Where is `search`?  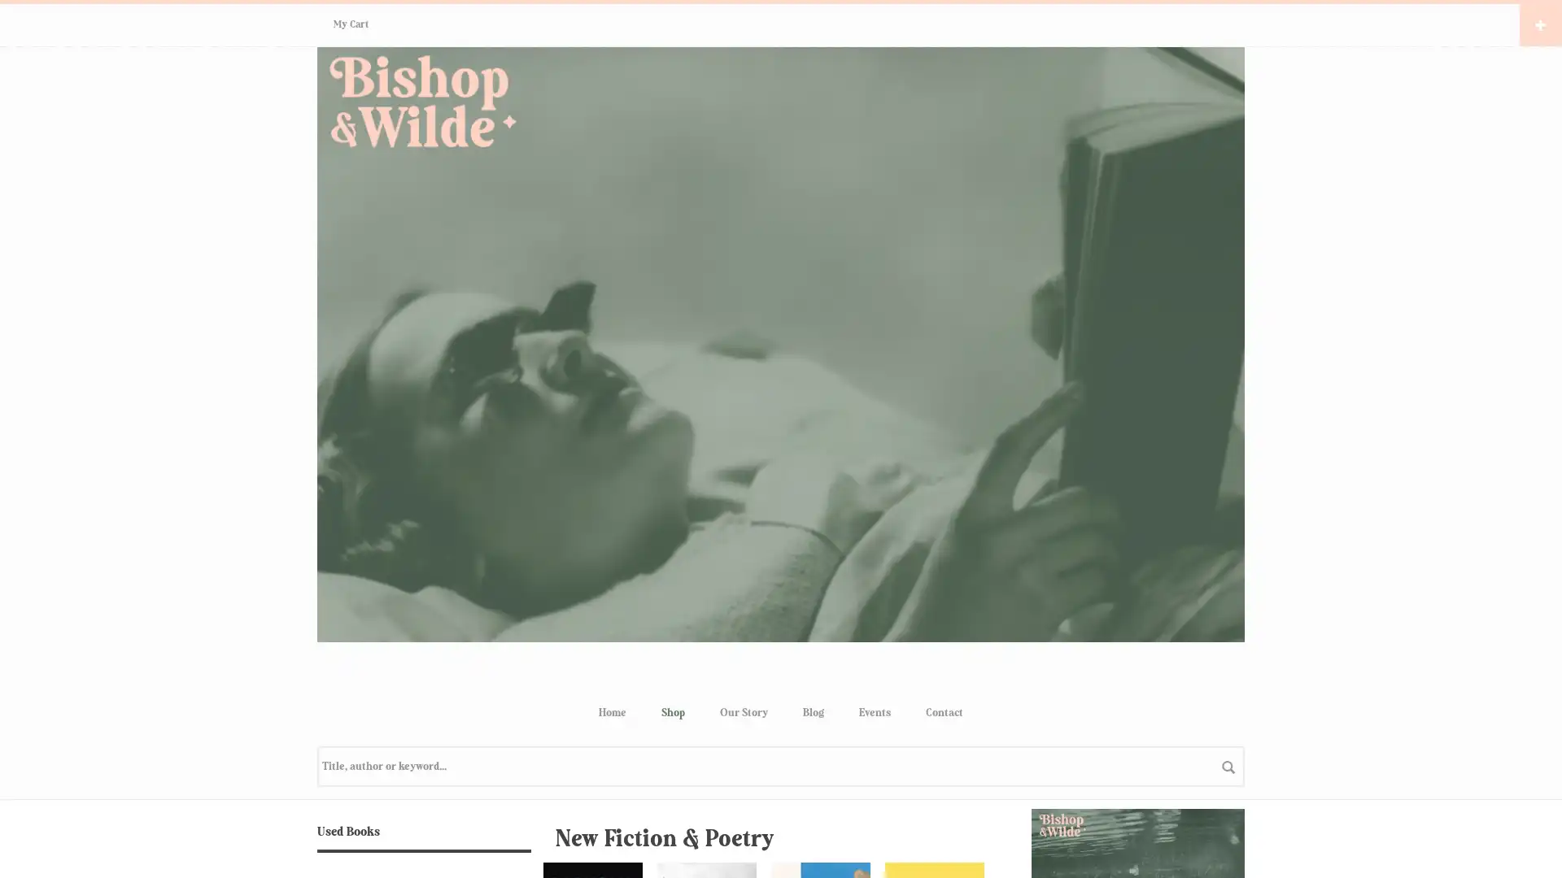 search is located at coordinates (1228, 766).